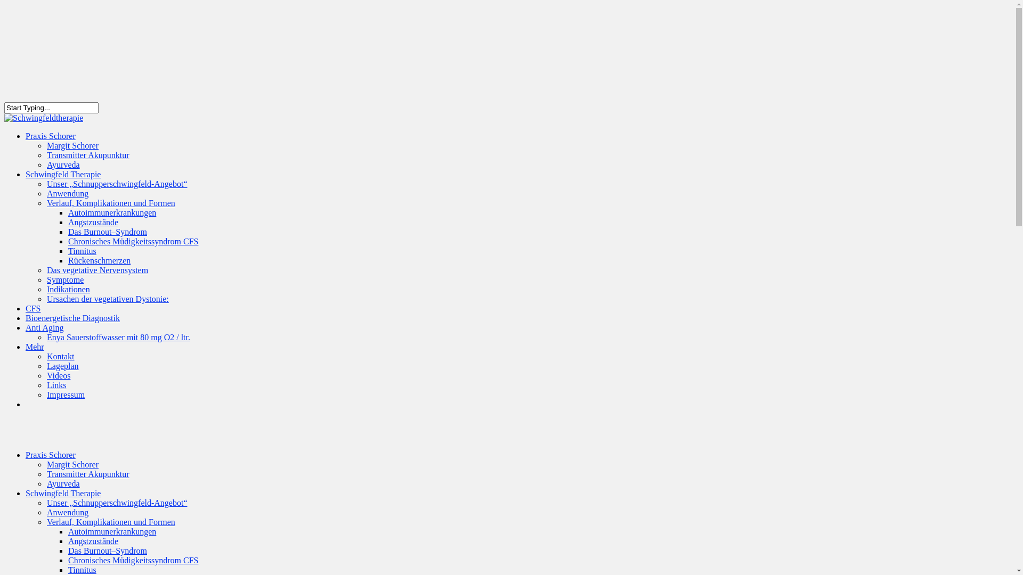 This screenshot has width=1023, height=575. What do you see at coordinates (62, 493) in the screenshot?
I see `'Schwingfeld Therapie'` at bounding box center [62, 493].